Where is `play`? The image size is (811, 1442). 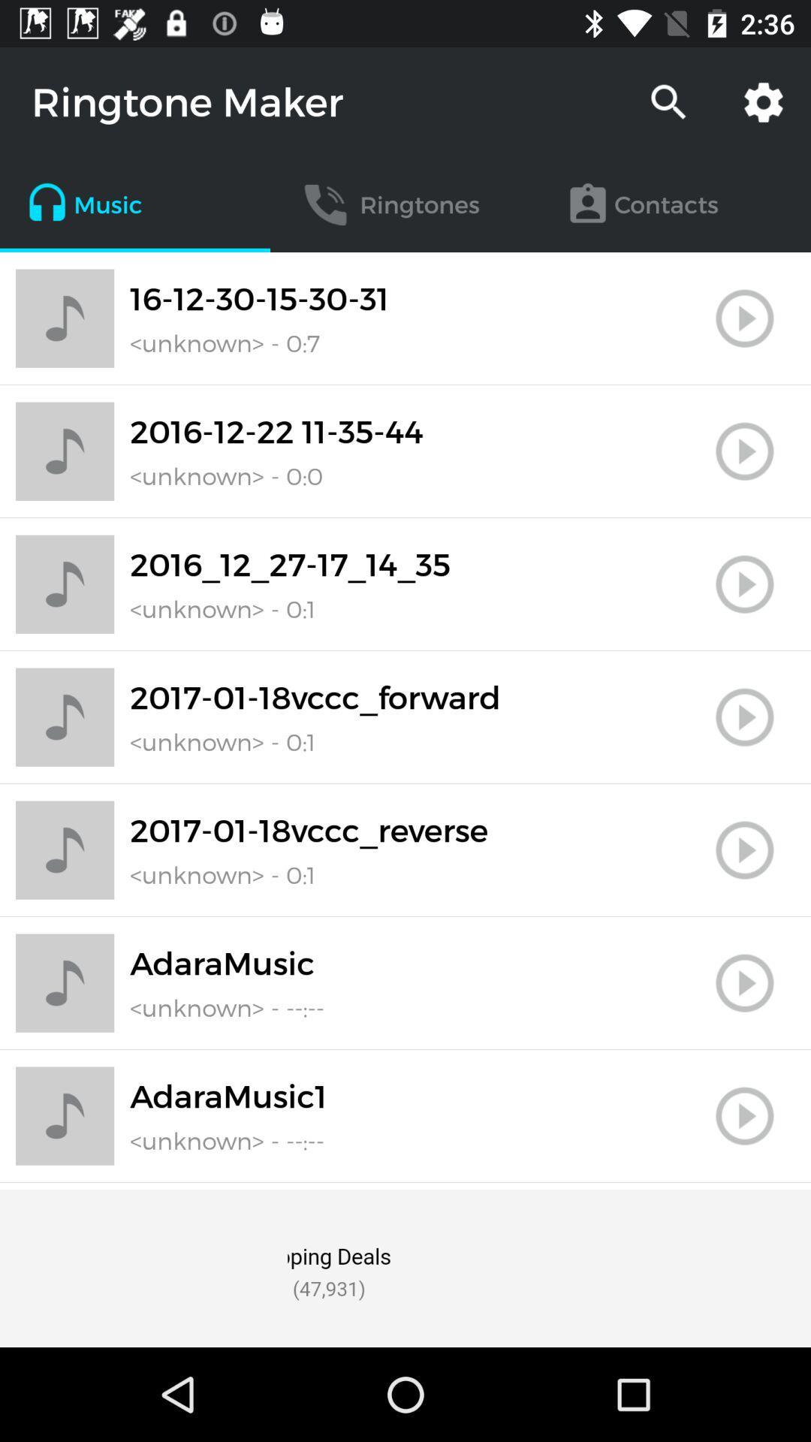
play is located at coordinates (744, 716).